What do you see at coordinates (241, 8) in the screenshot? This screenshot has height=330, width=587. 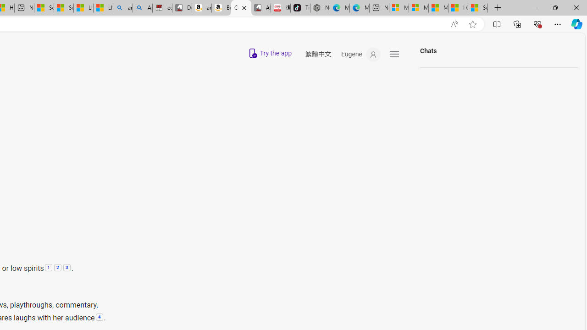 I see `'Copilot'` at bounding box center [241, 8].